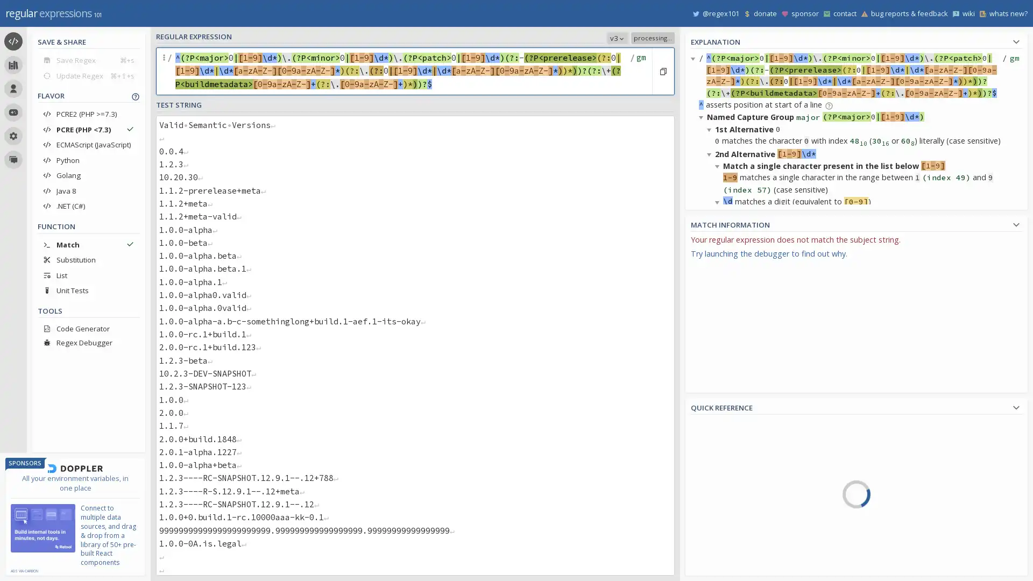  I want to click on Group minor, so click(719, 374).